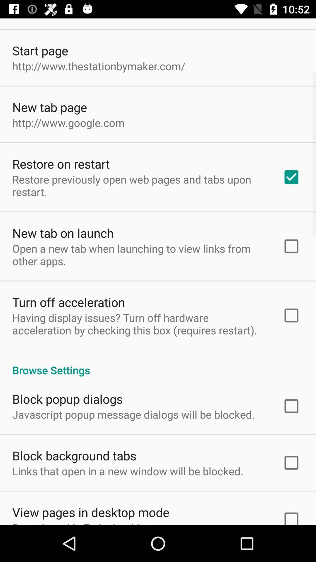 The width and height of the screenshot is (316, 562). Describe the element at coordinates (85, 523) in the screenshot. I see `best viewed in icon` at that location.